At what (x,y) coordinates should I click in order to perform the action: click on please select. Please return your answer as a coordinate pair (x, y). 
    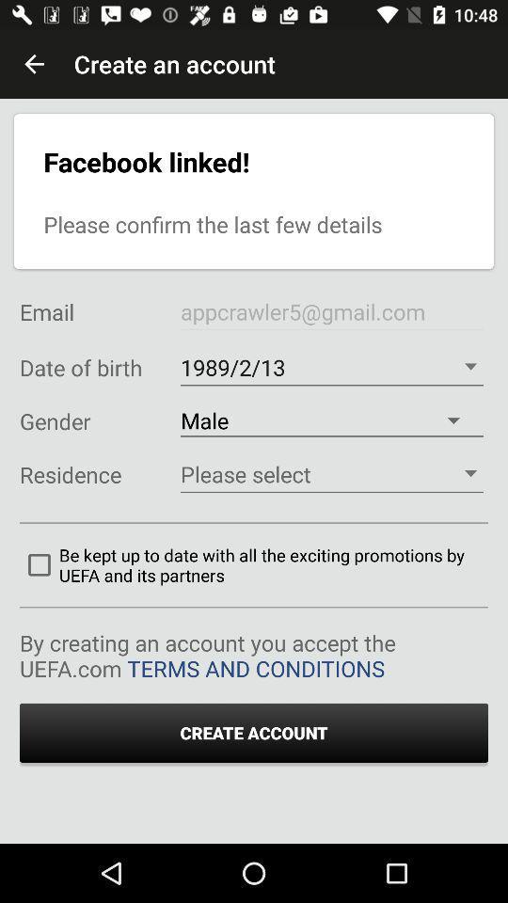
    Looking at the image, I should click on (330, 473).